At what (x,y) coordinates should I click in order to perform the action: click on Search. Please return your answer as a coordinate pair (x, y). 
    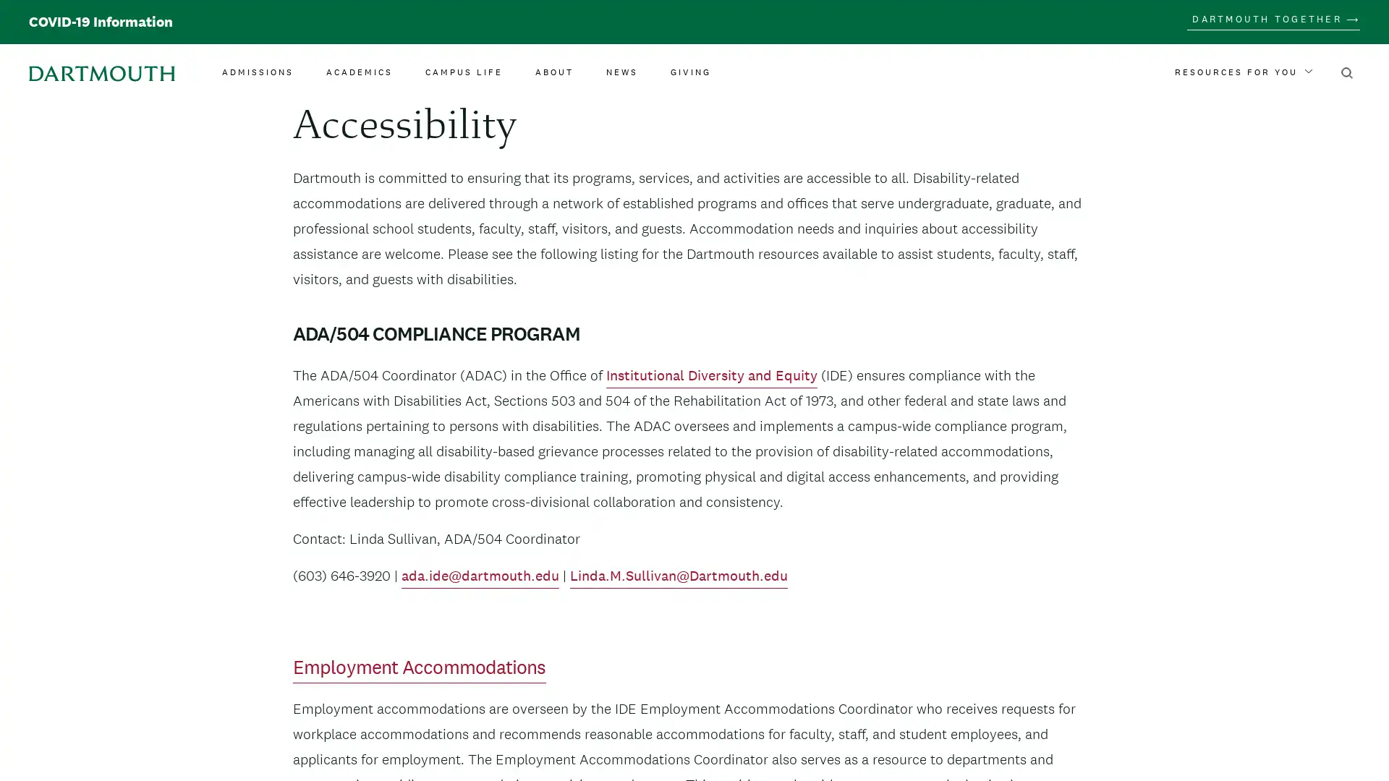
    Looking at the image, I should click on (1346, 72).